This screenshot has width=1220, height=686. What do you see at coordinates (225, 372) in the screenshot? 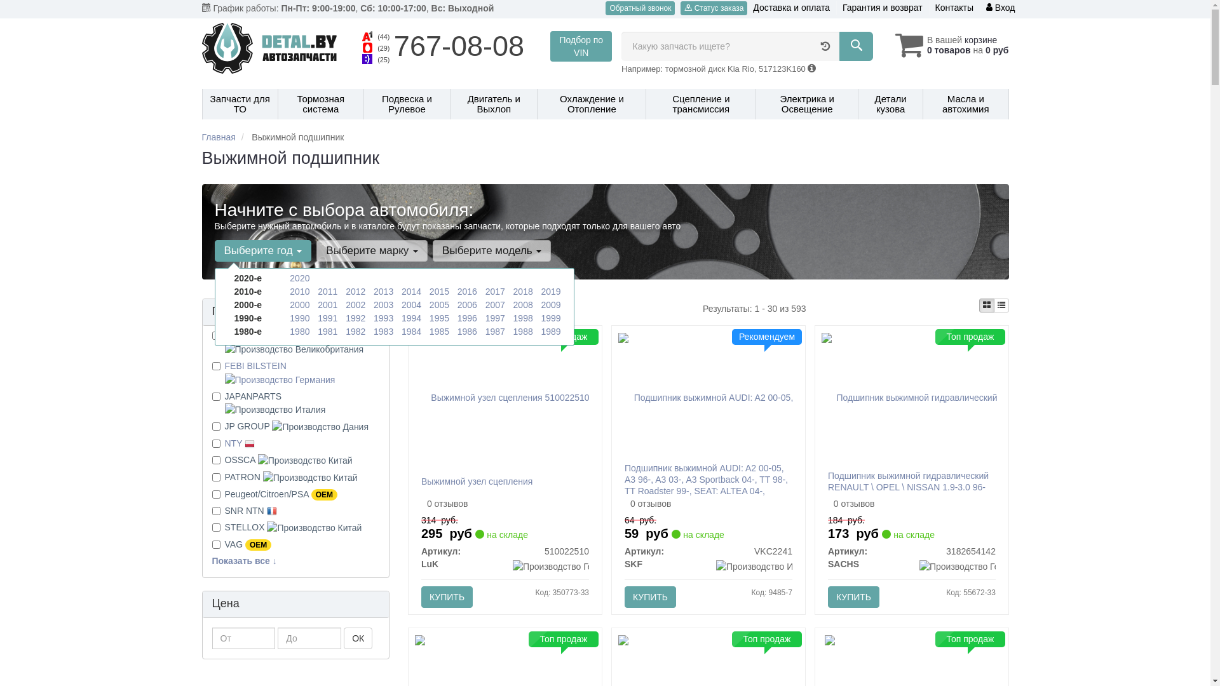
I see `'FEBI BILSTEIN'` at bounding box center [225, 372].